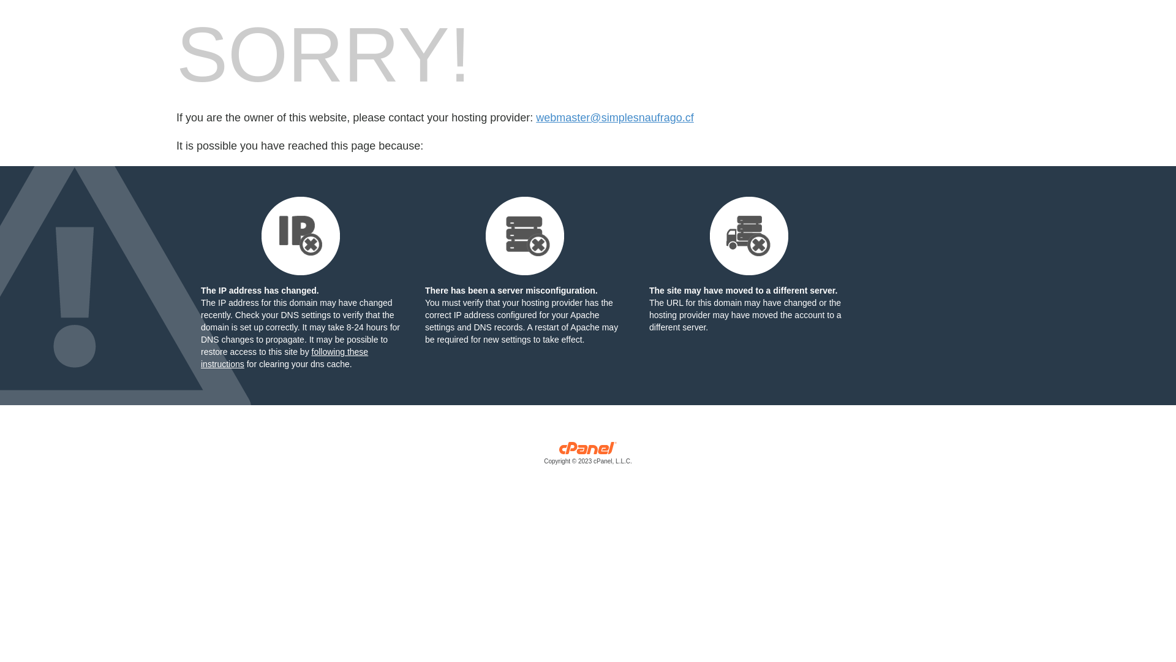 The width and height of the screenshot is (1176, 662). I want to click on 'following these instructions', so click(284, 357).